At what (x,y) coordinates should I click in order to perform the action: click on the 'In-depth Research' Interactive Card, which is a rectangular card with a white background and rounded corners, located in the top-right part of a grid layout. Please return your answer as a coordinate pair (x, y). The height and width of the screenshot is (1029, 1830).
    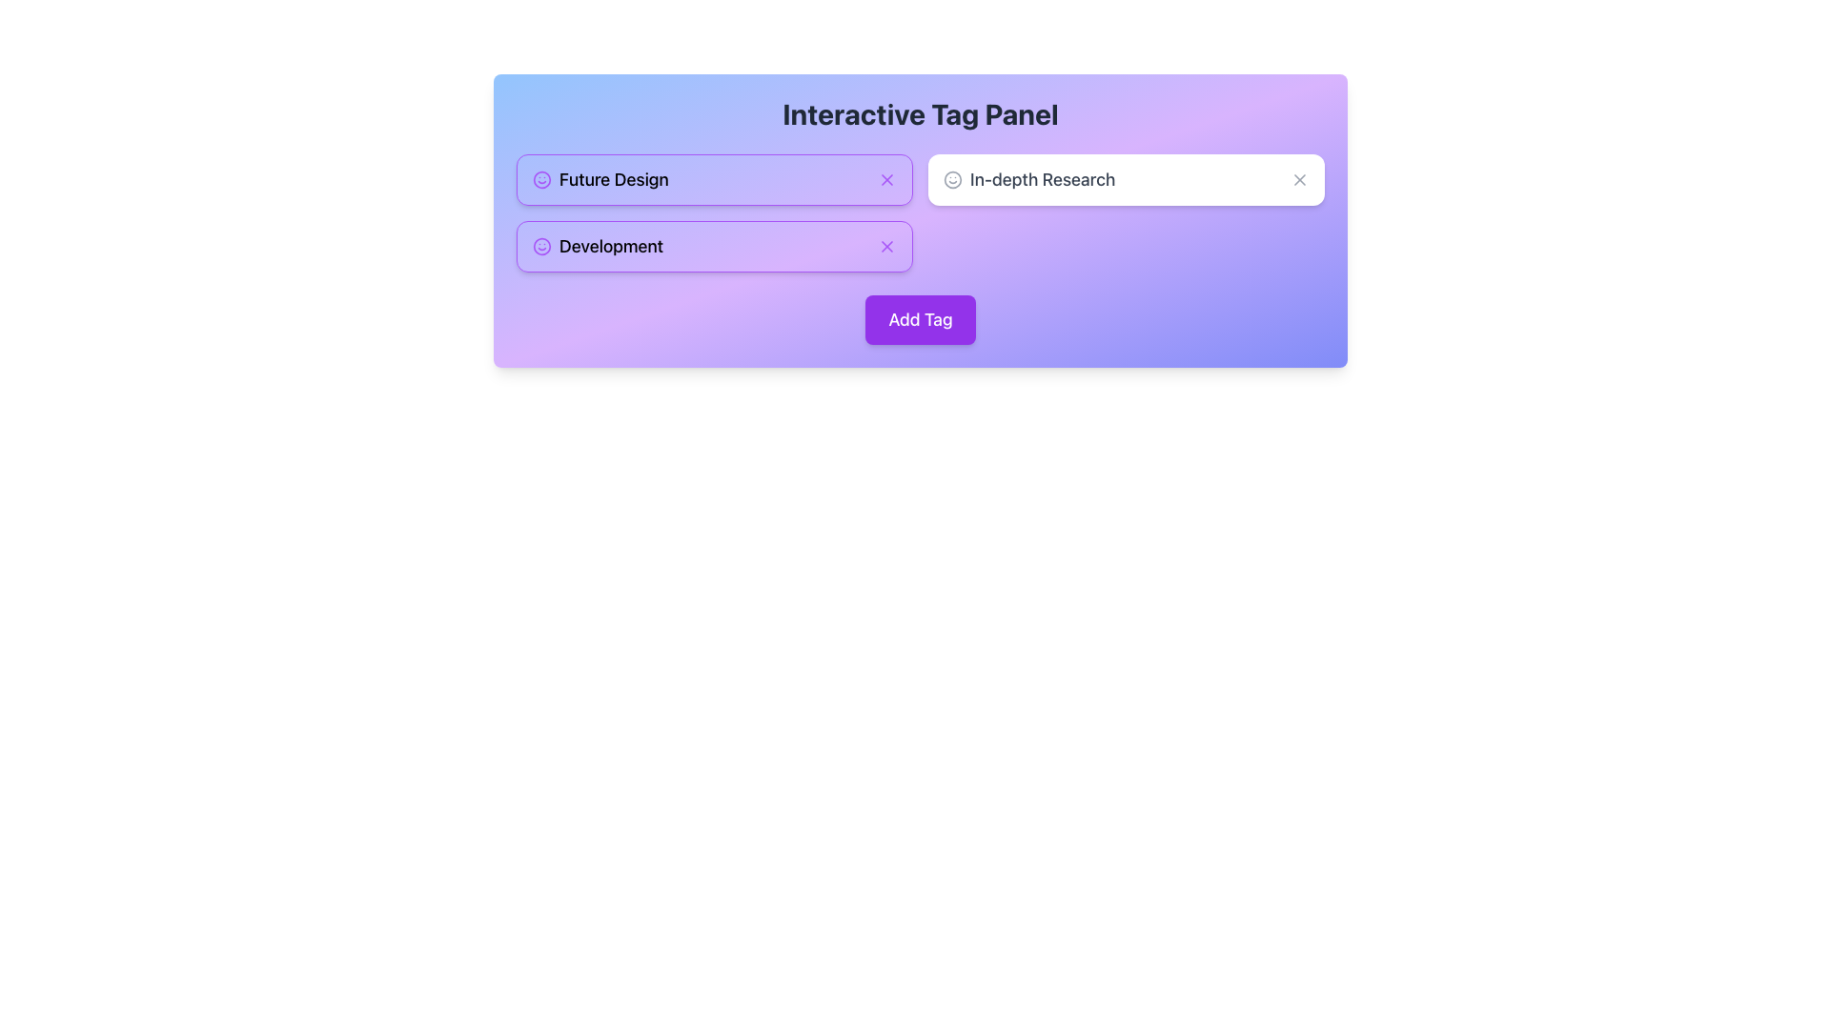
    Looking at the image, I should click on (1126, 180).